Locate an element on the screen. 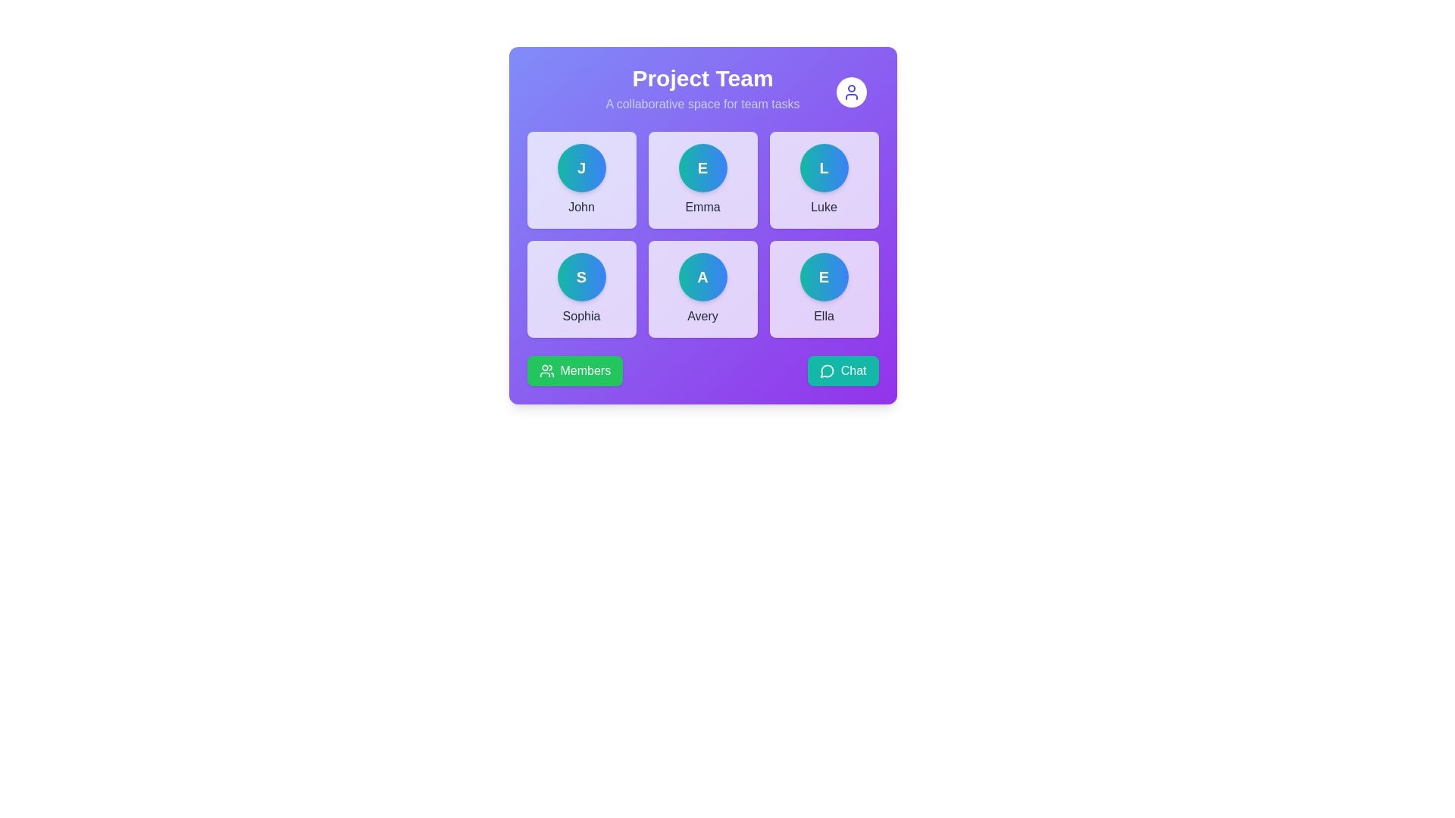  the Text Label displaying the user's name located directly below the circular avatar labeled 'E' in the center column of a 3x2 grid of user cards is located at coordinates (702, 207).